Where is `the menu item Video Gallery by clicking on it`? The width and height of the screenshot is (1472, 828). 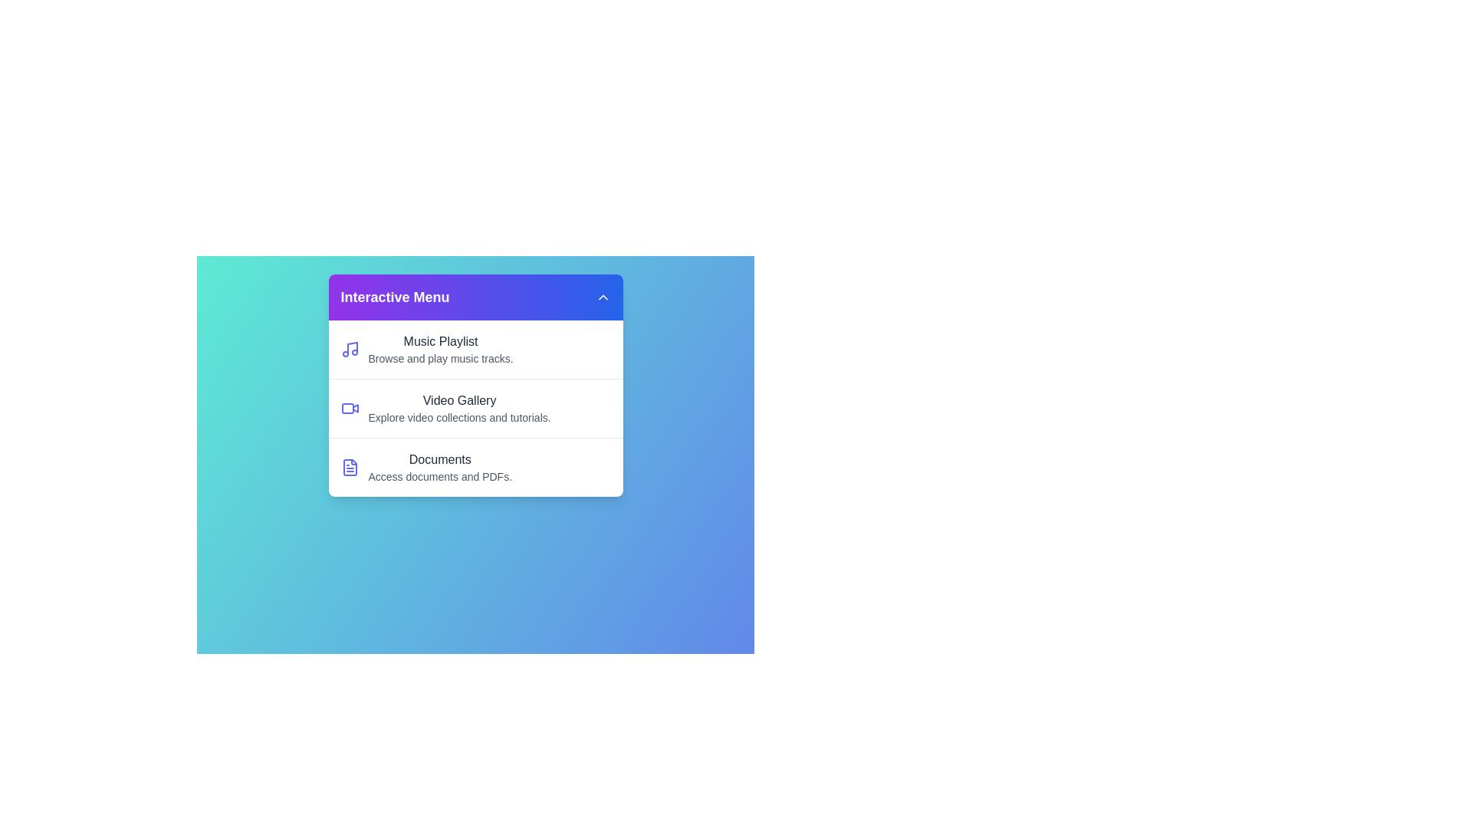 the menu item Video Gallery by clicking on it is located at coordinates (475, 407).